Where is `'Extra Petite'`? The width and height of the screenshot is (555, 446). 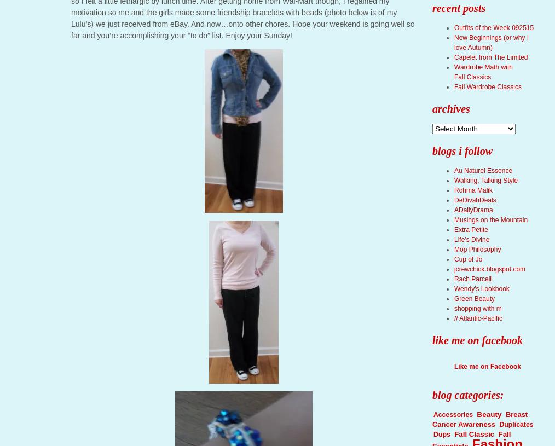
'Extra Petite' is located at coordinates (470, 229).